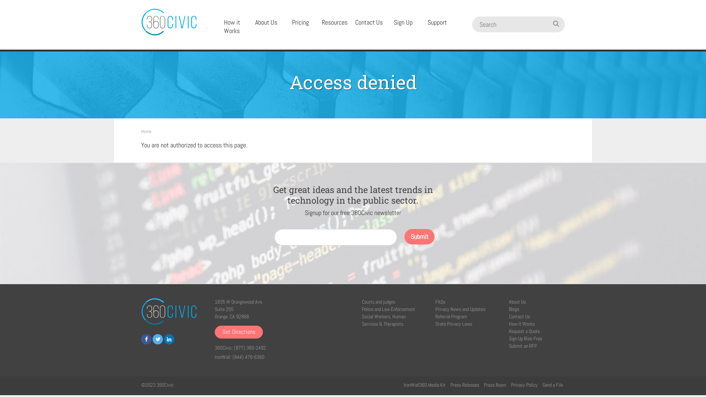  Describe the element at coordinates (453, 323) in the screenshot. I see `'State Privacy Laws'` at that location.